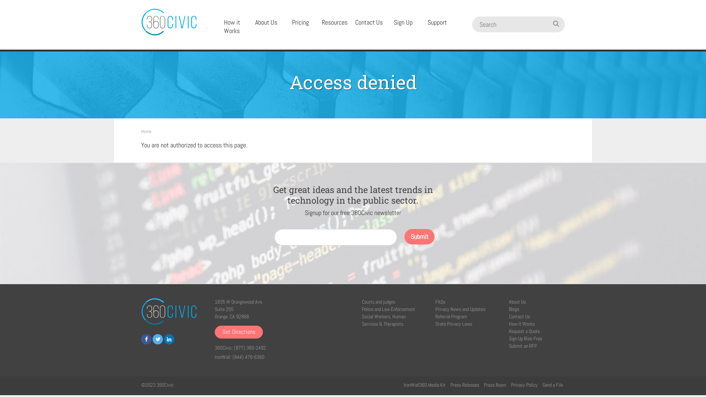  Describe the element at coordinates (453, 323) in the screenshot. I see `'State Privacy Laws'` at that location.